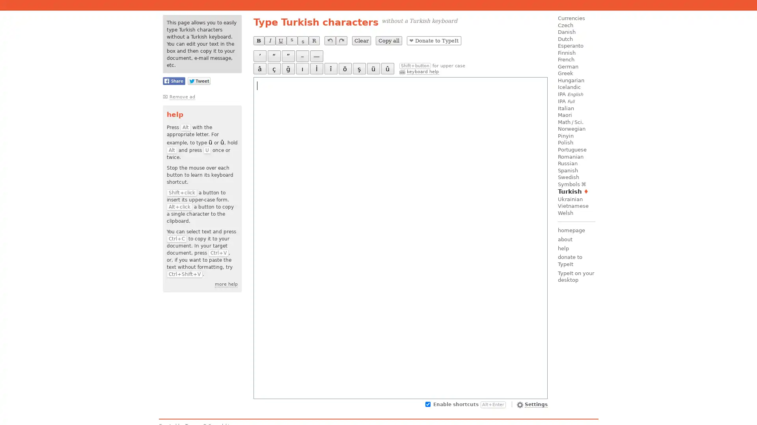 The width and height of the screenshot is (757, 425). Describe the element at coordinates (373, 68) in the screenshot. I see `u` at that location.